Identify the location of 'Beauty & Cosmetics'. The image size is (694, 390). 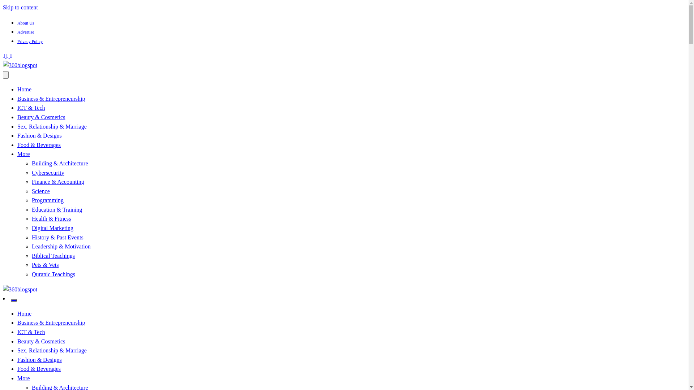
(41, 117).